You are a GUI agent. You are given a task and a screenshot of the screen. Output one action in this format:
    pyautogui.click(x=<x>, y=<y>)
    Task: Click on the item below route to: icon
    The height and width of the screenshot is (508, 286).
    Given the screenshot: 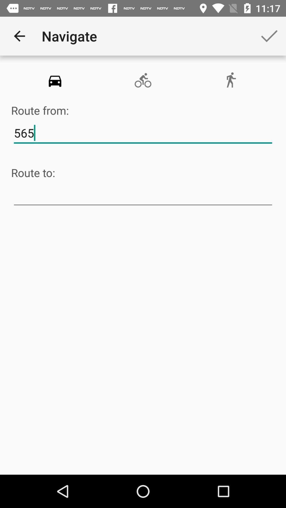 What is the action you would take?
    pyautogui.click(x=143, y=195)
    